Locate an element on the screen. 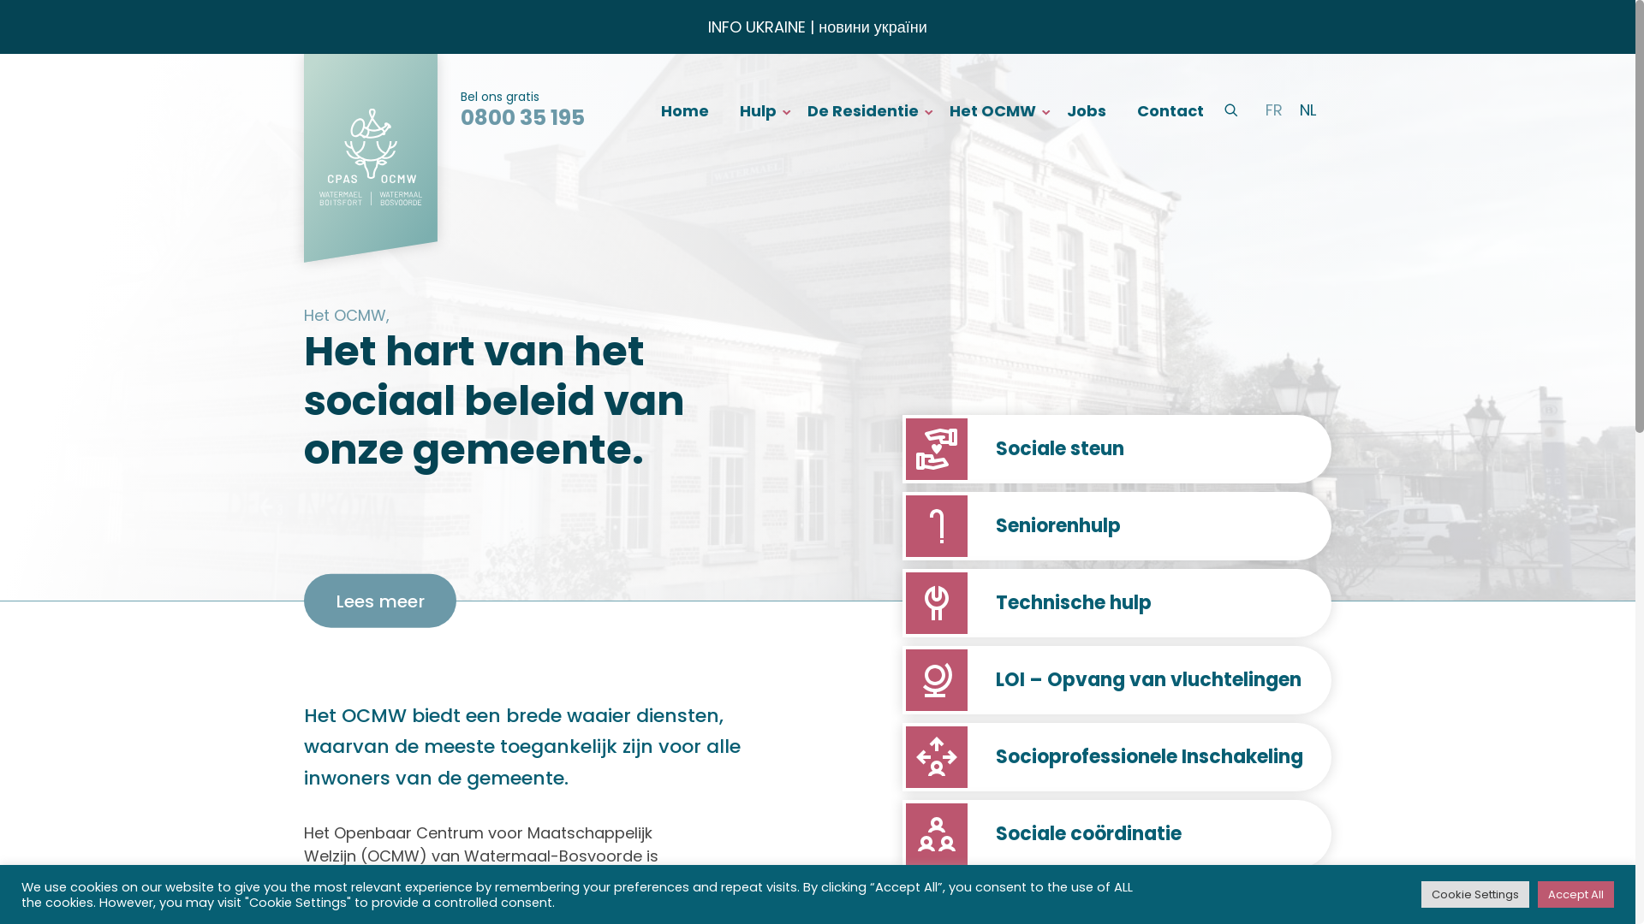 This screenshot has height=924, width=1644. 'Accept All' is located at coordinates (1575, 893).